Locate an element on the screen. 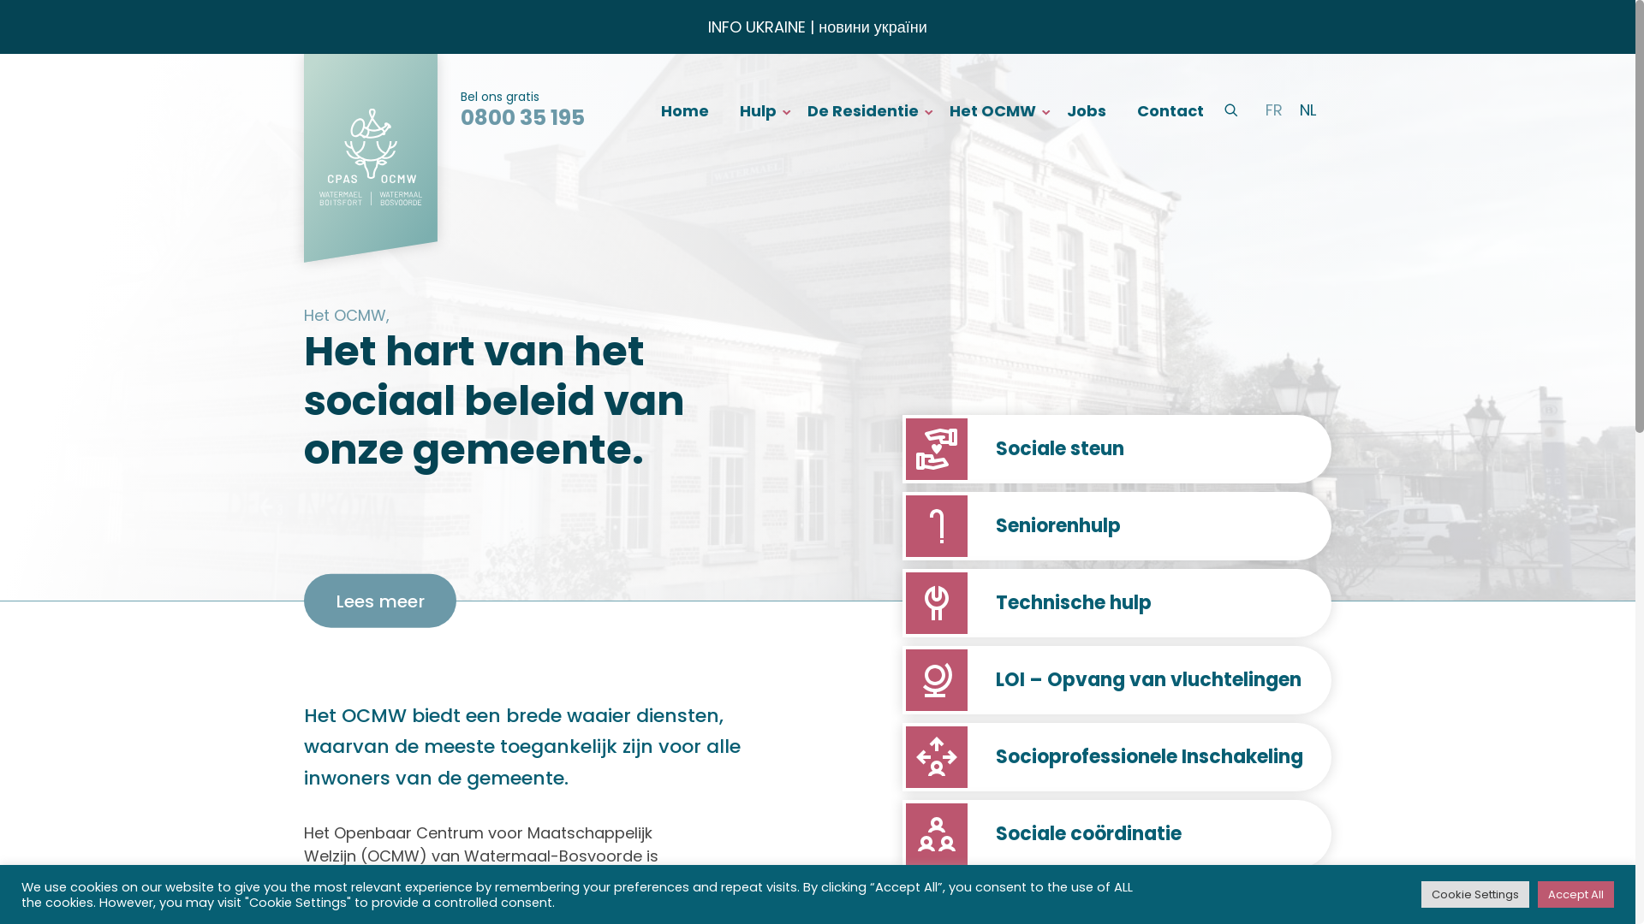 This screenshot has height=924, width=1644. 'Accept All' is located at coordinates (1575, 893).